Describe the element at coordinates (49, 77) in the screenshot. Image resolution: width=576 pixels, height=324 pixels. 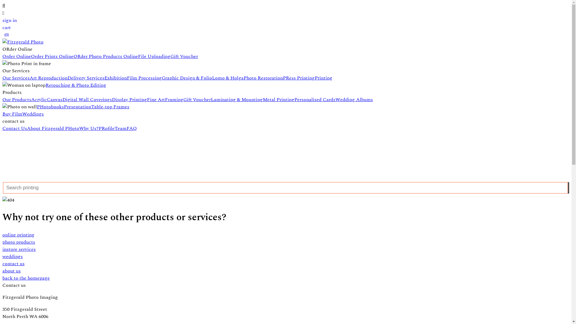
I see `'Art Reproduction'` at that location.